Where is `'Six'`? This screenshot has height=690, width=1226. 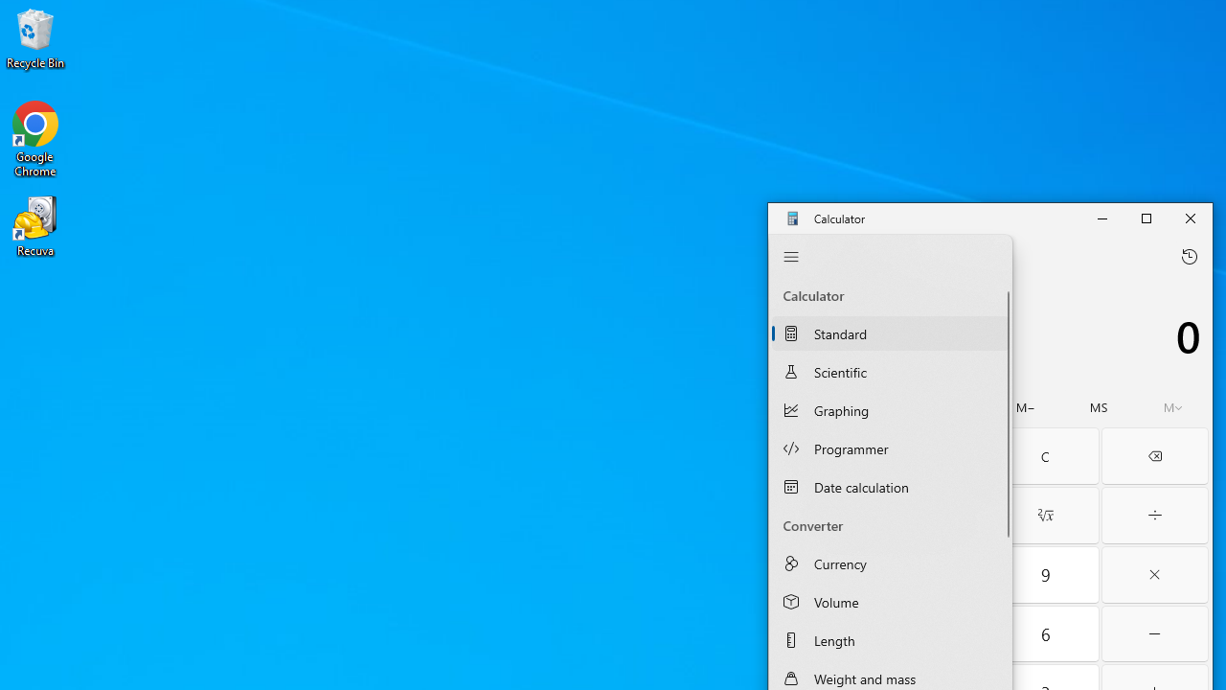
'Six' is located at coordinates (1044, 633).